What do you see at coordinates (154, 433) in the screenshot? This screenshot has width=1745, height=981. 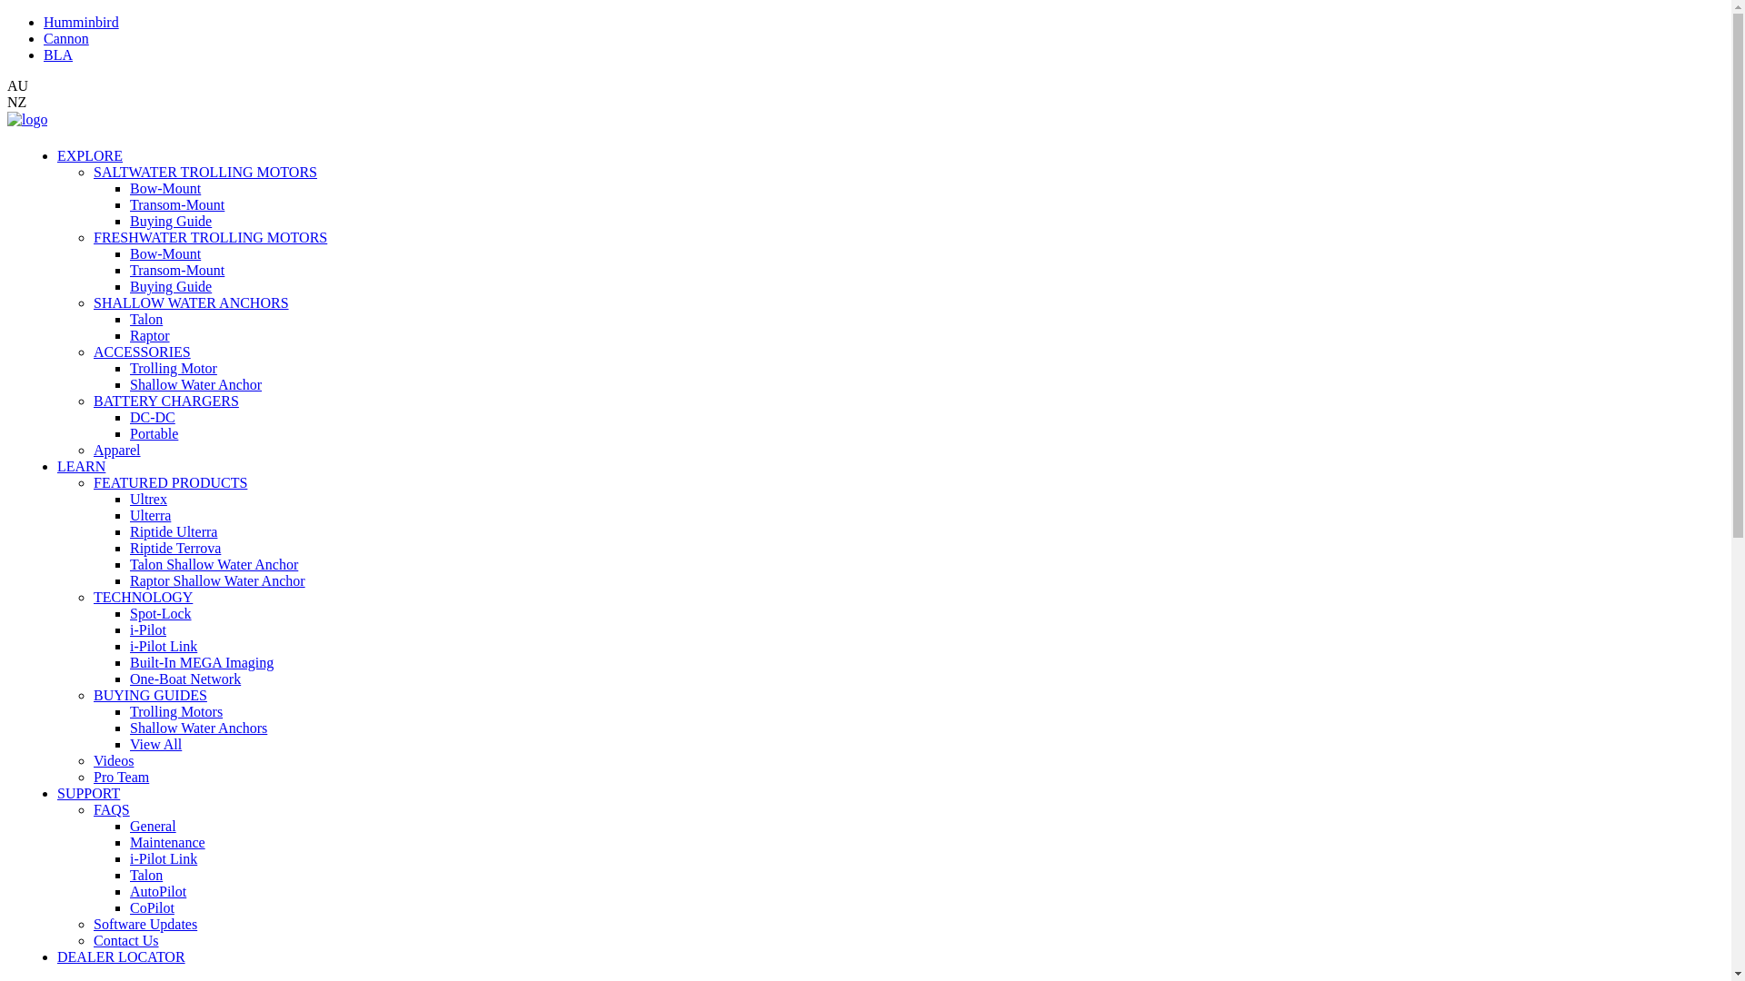 I see `'Portable'` at bounding box center [154, 433].